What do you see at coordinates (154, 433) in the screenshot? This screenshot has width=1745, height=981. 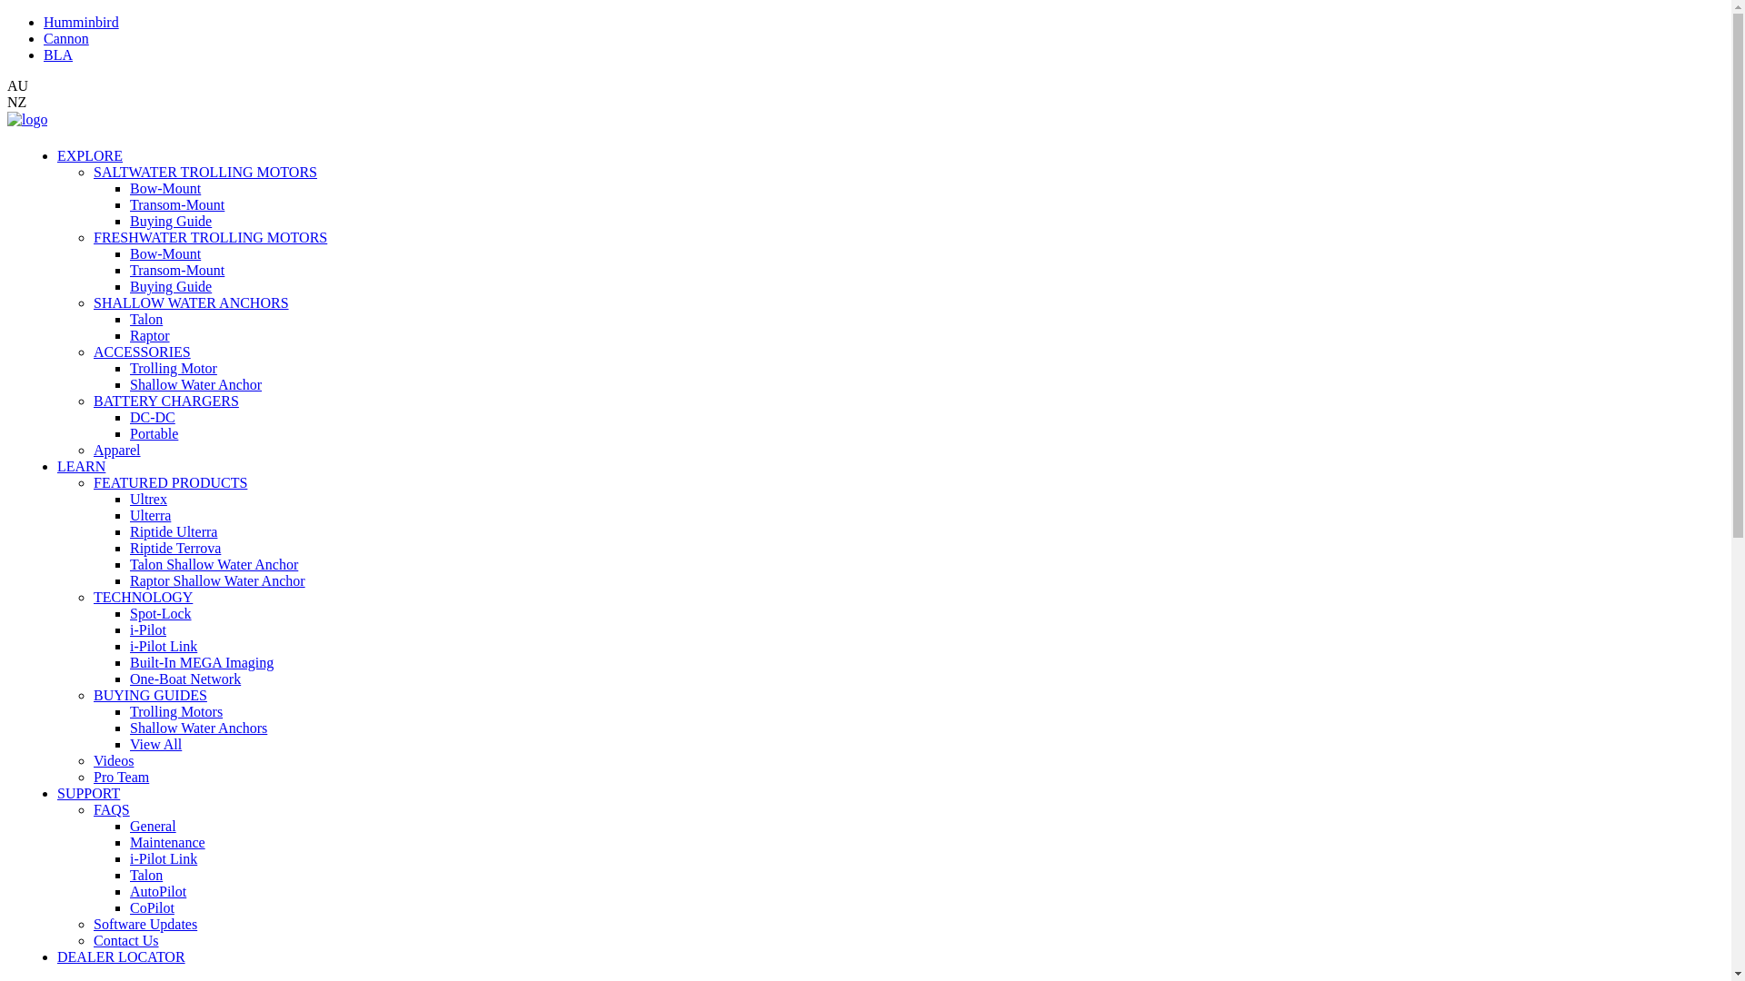 I see `'Portable'` at bounding box center [154, 433].